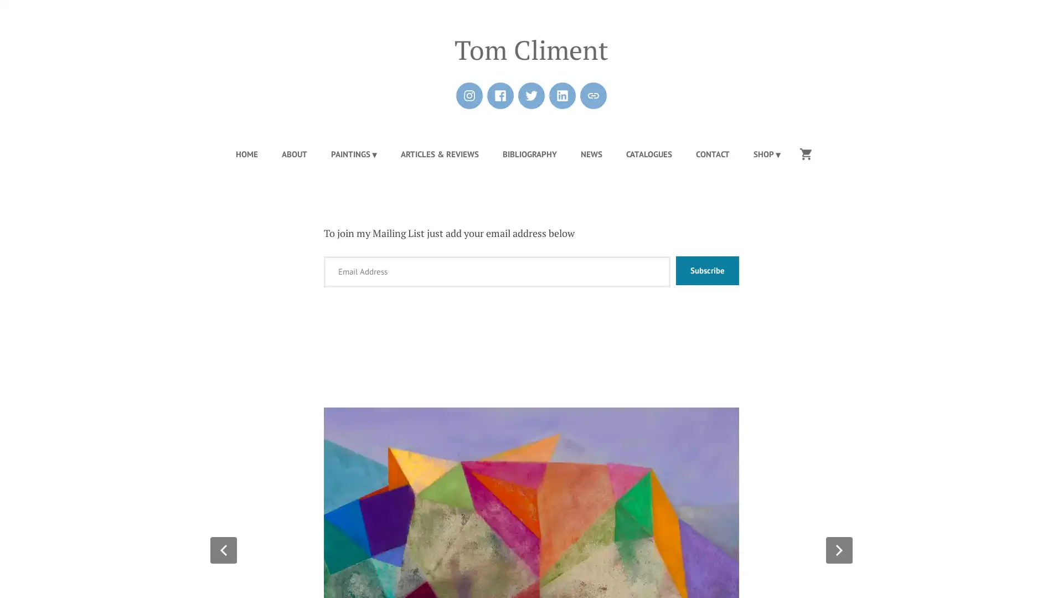 This screenshot has width=1063, height=598. What do you see at coordinates (839, 549) in the screenshot?
I see `Next slide` at bounding box center [839, 549].